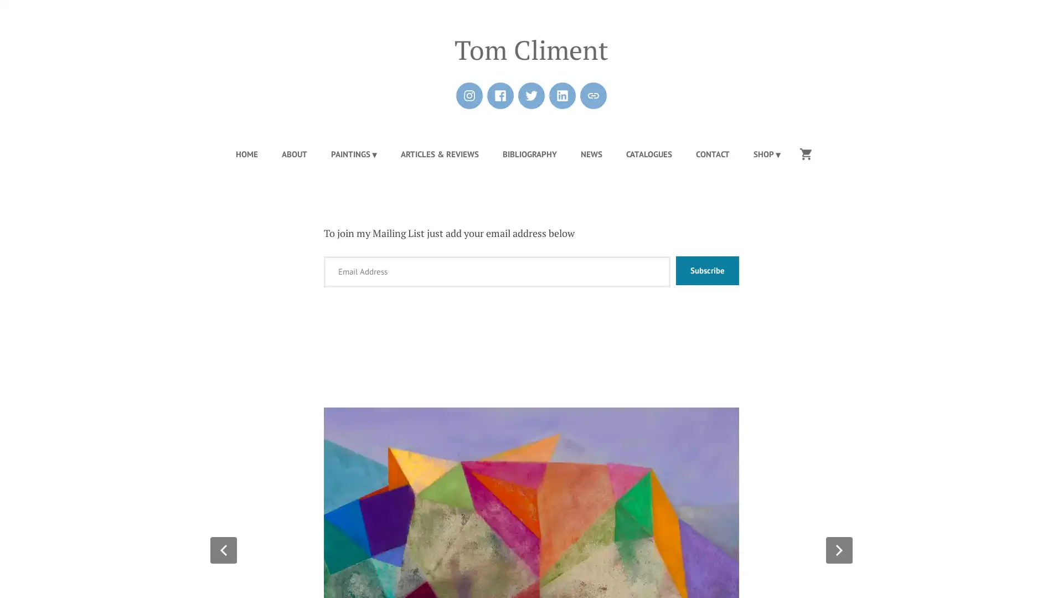 This screenshot has width=1063, height=598. What do you see at coordinates (839, 549) in the screenshot?
I see `Next slide` at bounding box center [839, 549].